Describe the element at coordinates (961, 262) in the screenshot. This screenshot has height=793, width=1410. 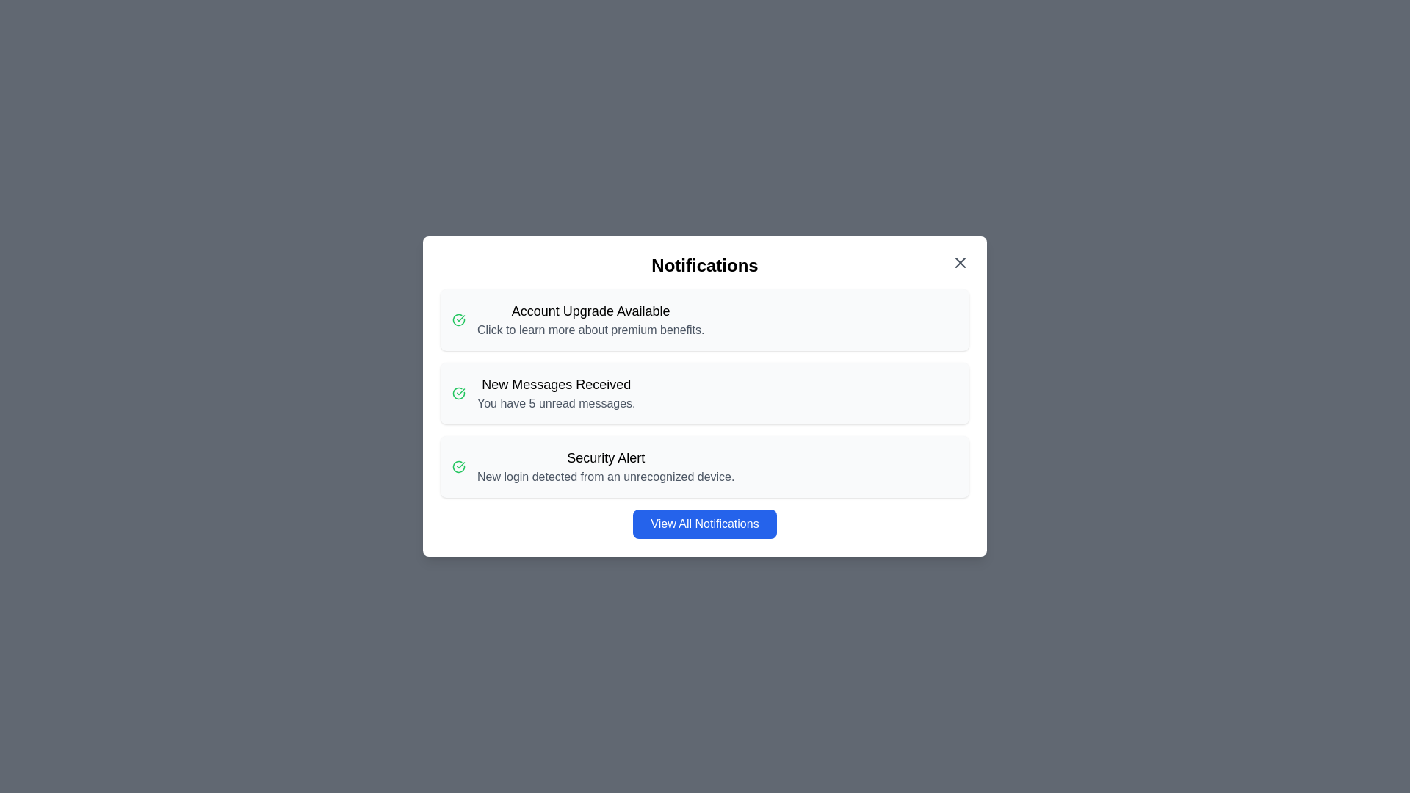
I see `the small circular button with a minimalist 'X' icon located at the top right corner of the notifications panel` at that location.